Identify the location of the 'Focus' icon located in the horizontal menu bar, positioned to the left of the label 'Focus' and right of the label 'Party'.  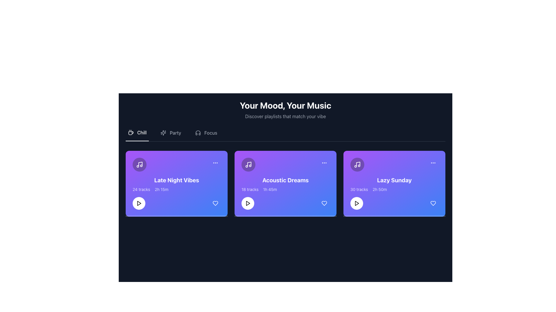
(198, 133).